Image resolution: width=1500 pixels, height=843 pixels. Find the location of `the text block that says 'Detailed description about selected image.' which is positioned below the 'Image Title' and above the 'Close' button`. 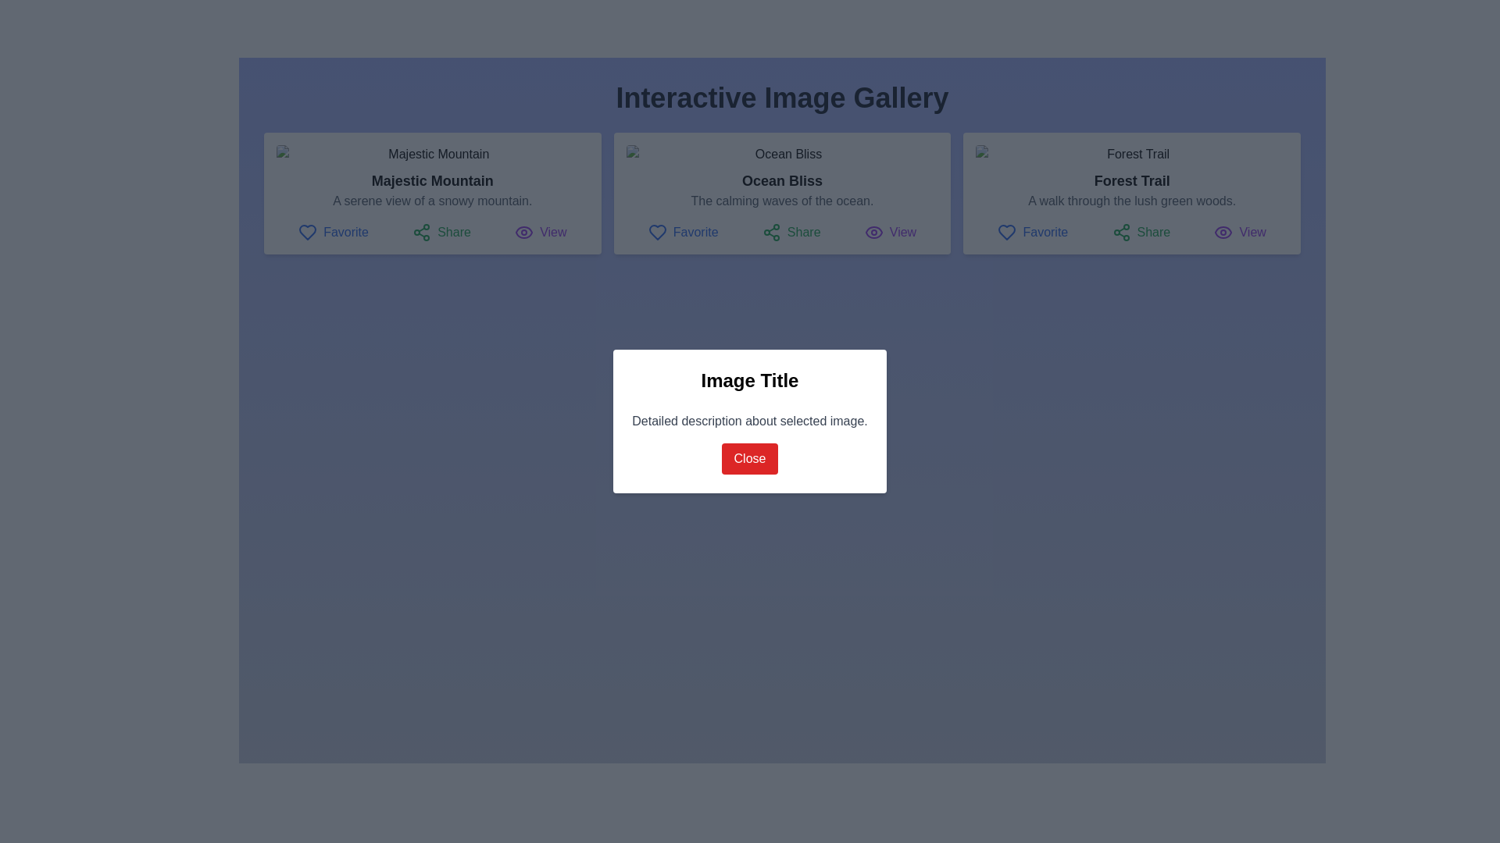

the text block that says 'Detailed description about selected image.' which is positioned below the 'Image Title' and above the 'Close' button is located at coordinates (750, 421).